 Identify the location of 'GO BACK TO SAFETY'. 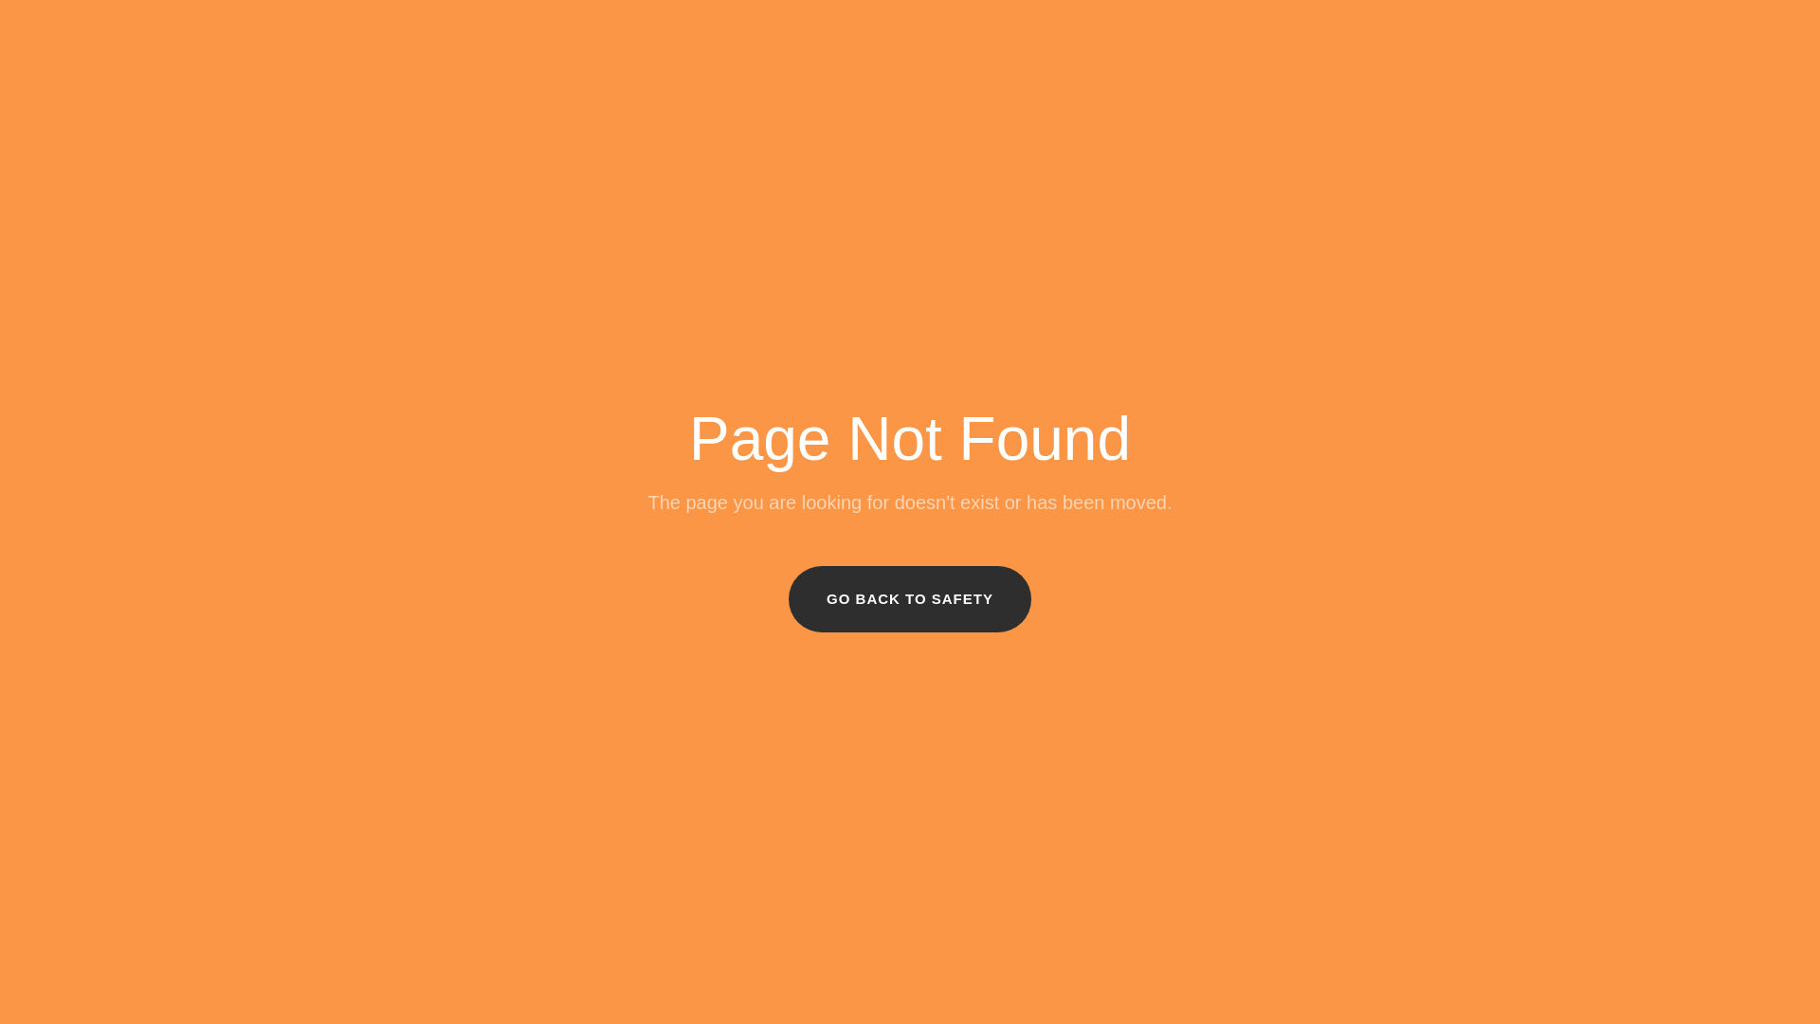
(910, 599).